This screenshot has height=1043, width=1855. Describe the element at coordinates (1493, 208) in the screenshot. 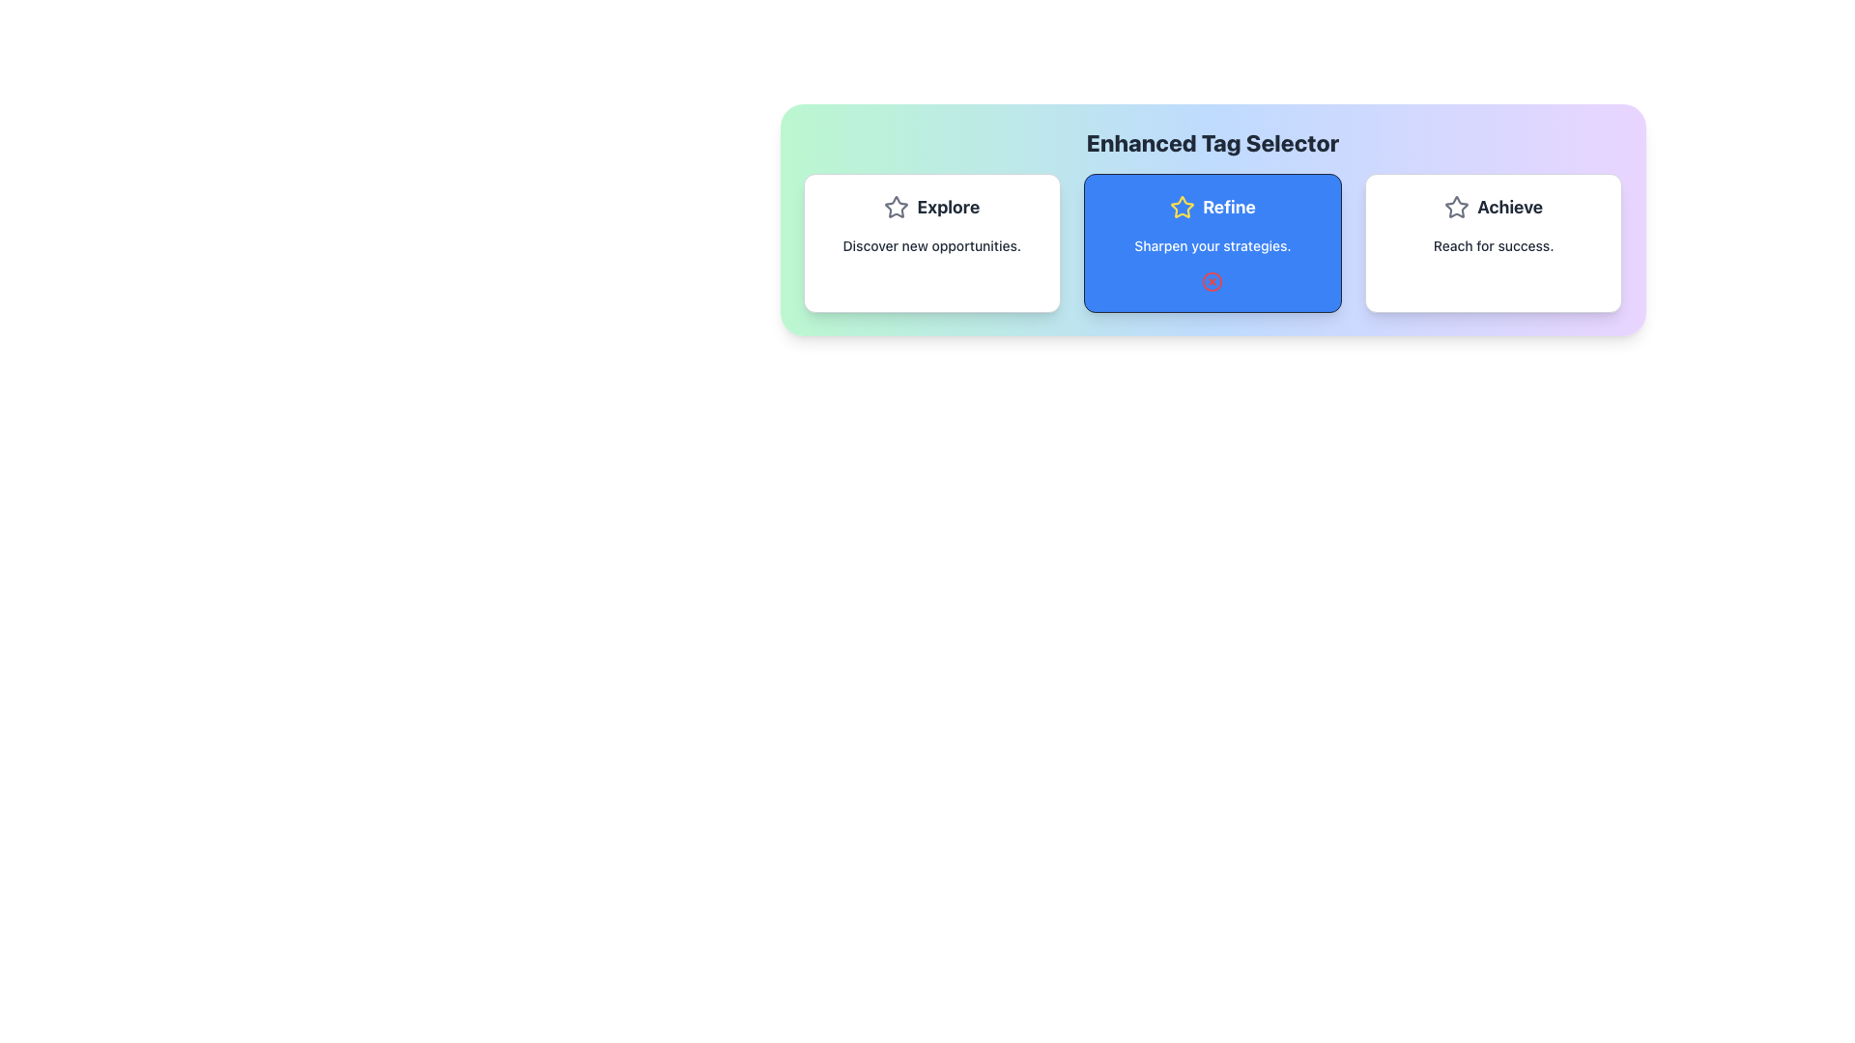

I see `the combined element consisting of a gray outline star icon and the bold text label 'Achieve', which is located in the third panel from the left, near the subtitle 'Reach for success'` at that location.